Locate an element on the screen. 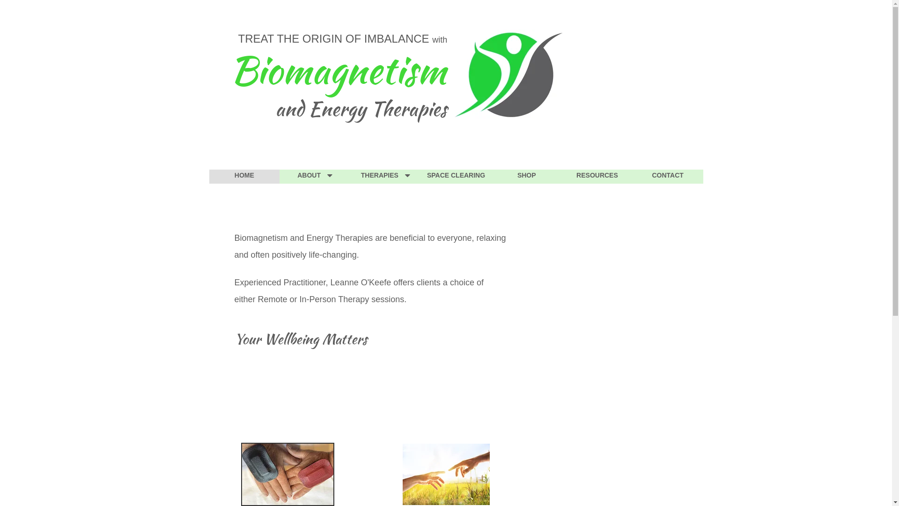 The width and height of the screenshot is (899, 506). 'SHOP' is located at coordinates (526, 177).